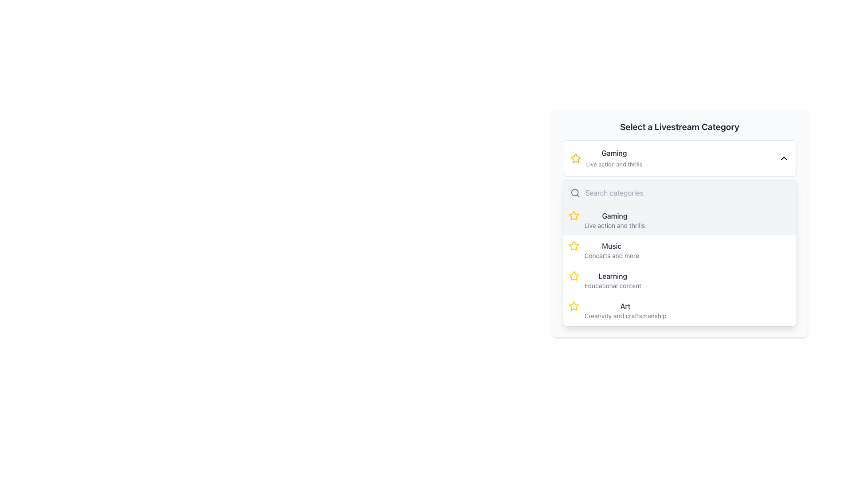 Image resolution: width=851 pixels, height=478 pixels. I want to click on the 'Music' text label, which serves as the title for the Music category in the livestream categories list, located in the 'Select a Livestream Category' section, so click(611, 246).